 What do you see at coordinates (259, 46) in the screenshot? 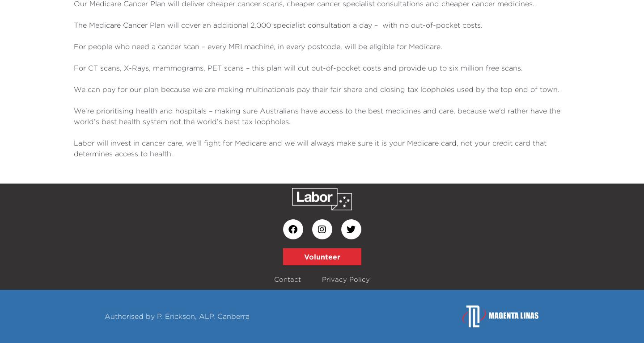
I see `'For people who need a cancer scan – every MRI machine, in every postcode, will be eligible for Medicare.'` at bounding box center [259, 46].